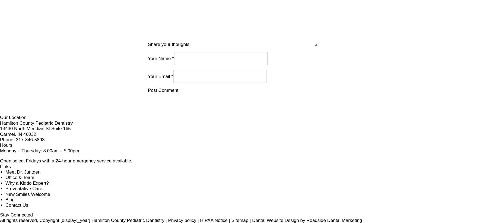 The height and width of the screenshot is (223, 502). Describe the element at coordinates (279, 183) in the screenshot. I see `'Preventative Care'` at that location.